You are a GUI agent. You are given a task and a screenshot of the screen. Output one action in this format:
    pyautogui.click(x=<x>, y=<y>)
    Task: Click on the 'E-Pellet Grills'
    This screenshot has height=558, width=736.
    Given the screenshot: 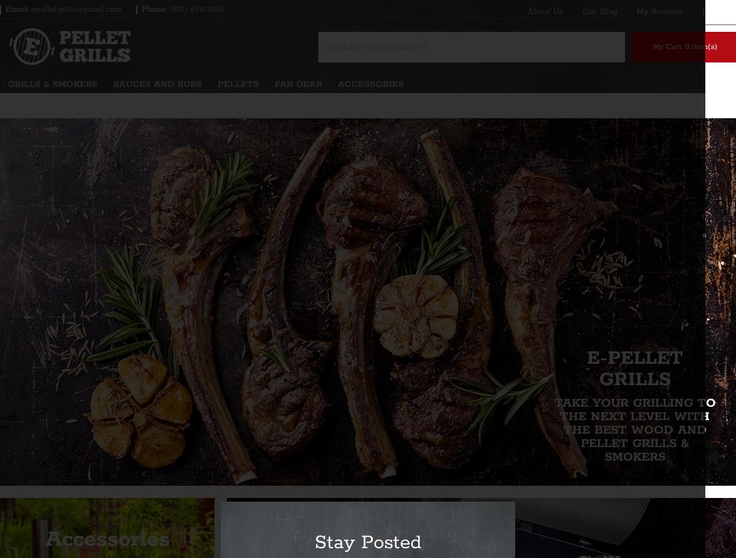 What is the action you would take?
    pyautogui.click(x=634, y=368)
    